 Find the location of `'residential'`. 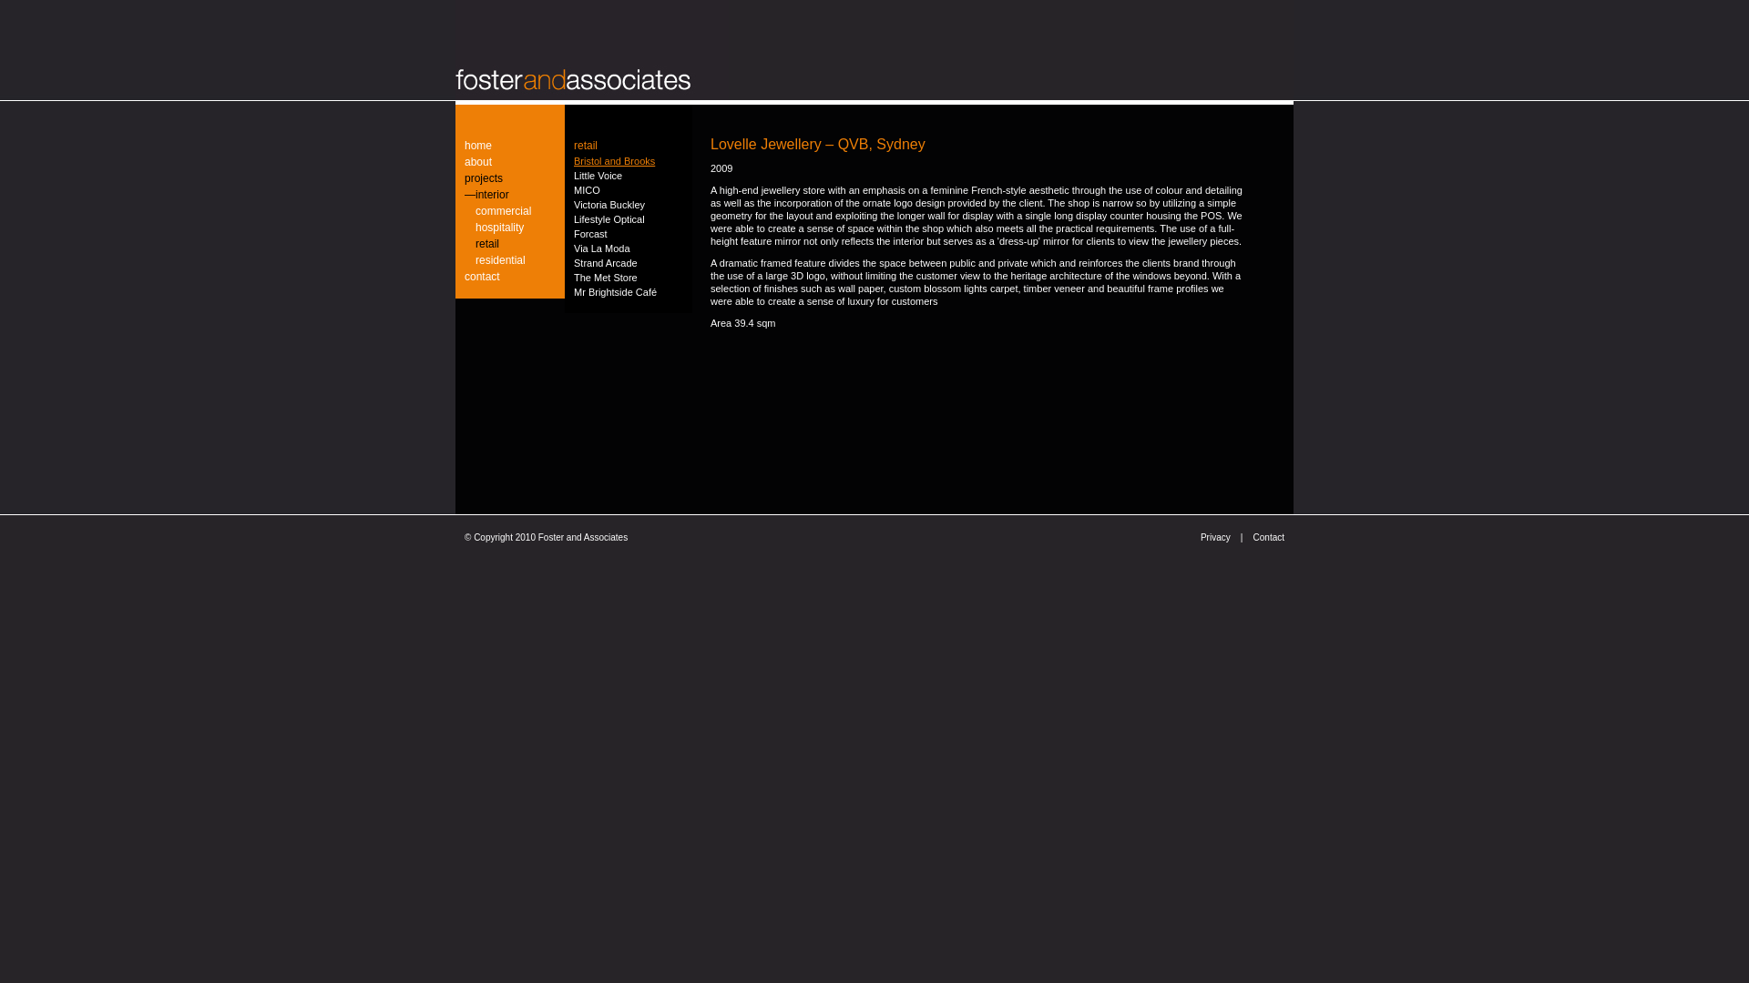

'residential' is located at coordinates (510, 259).